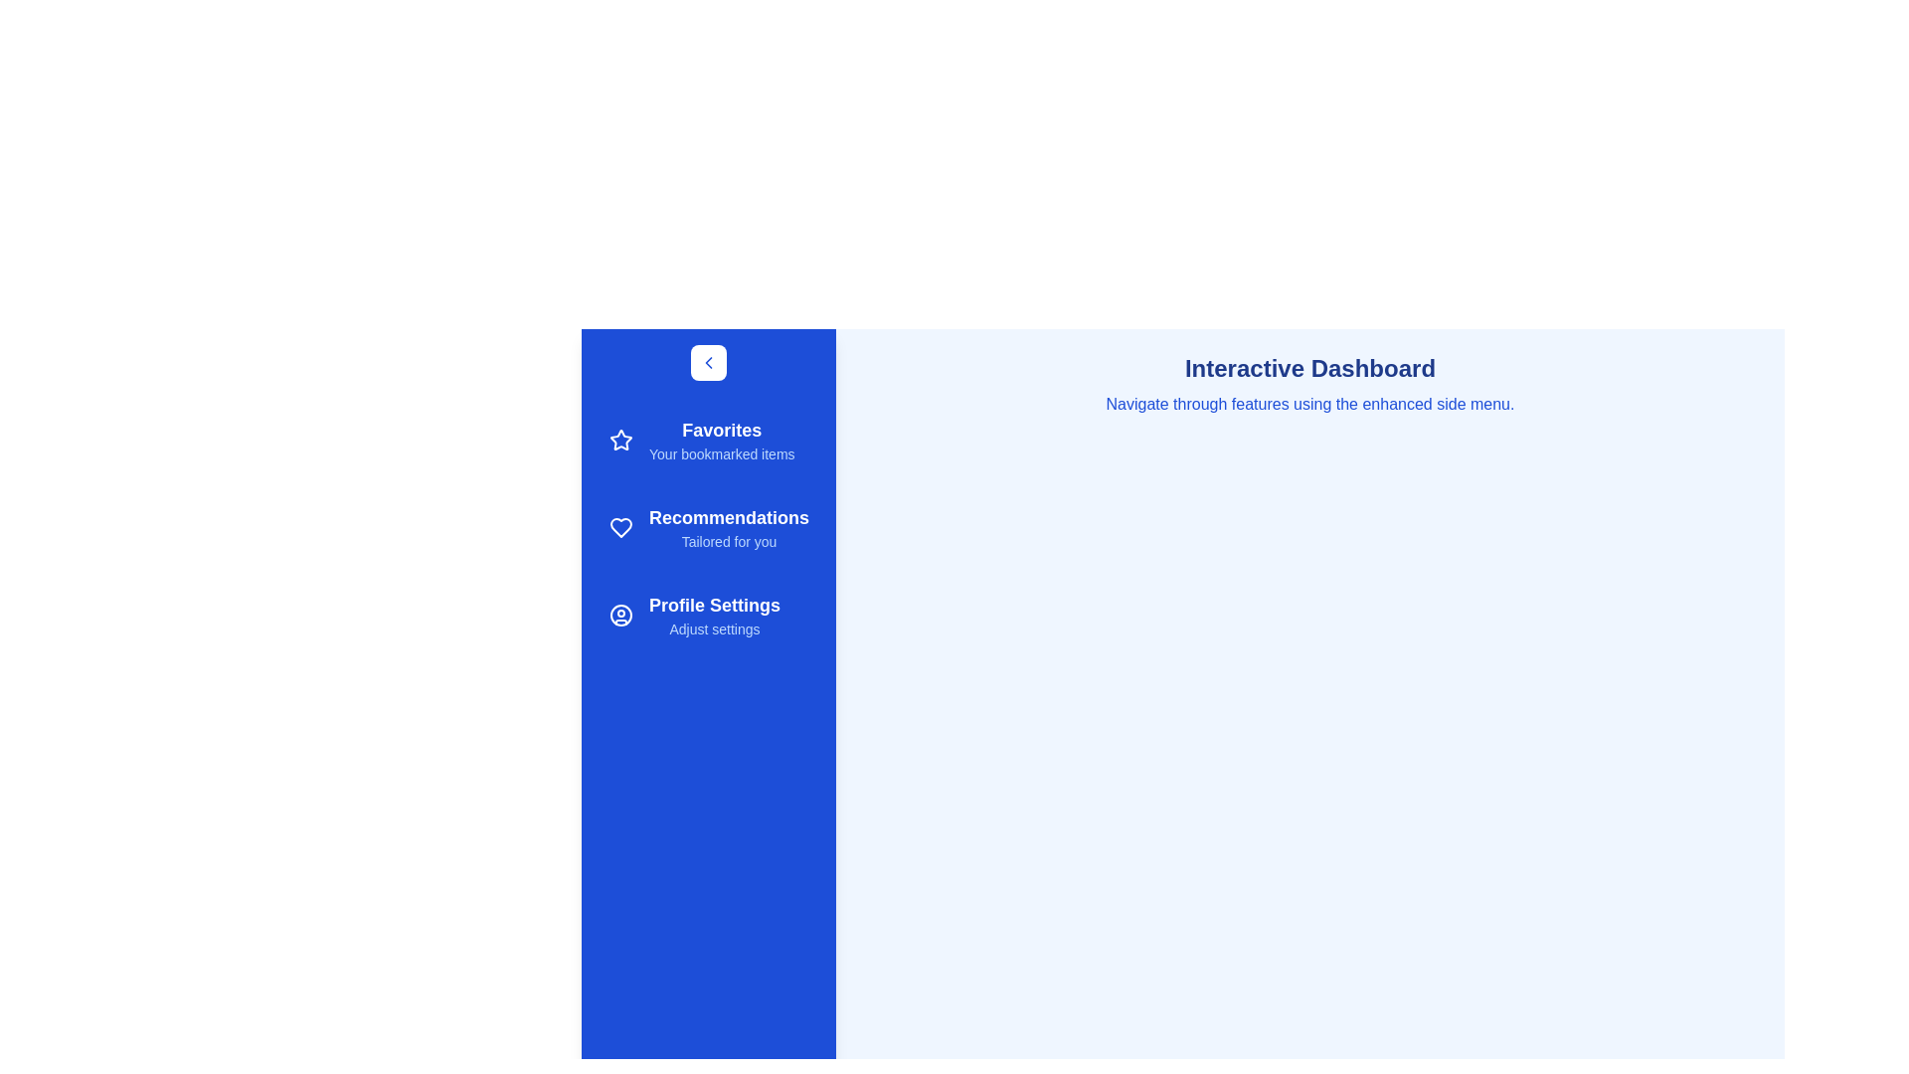 The height and width of the screenshot is (1074, 1909). What do you see at coordinates (709, 614) in the screenshot?
I see `the sidebar item labeled Profile Settings to observe its hover effect` at bounding box center [709, 614].